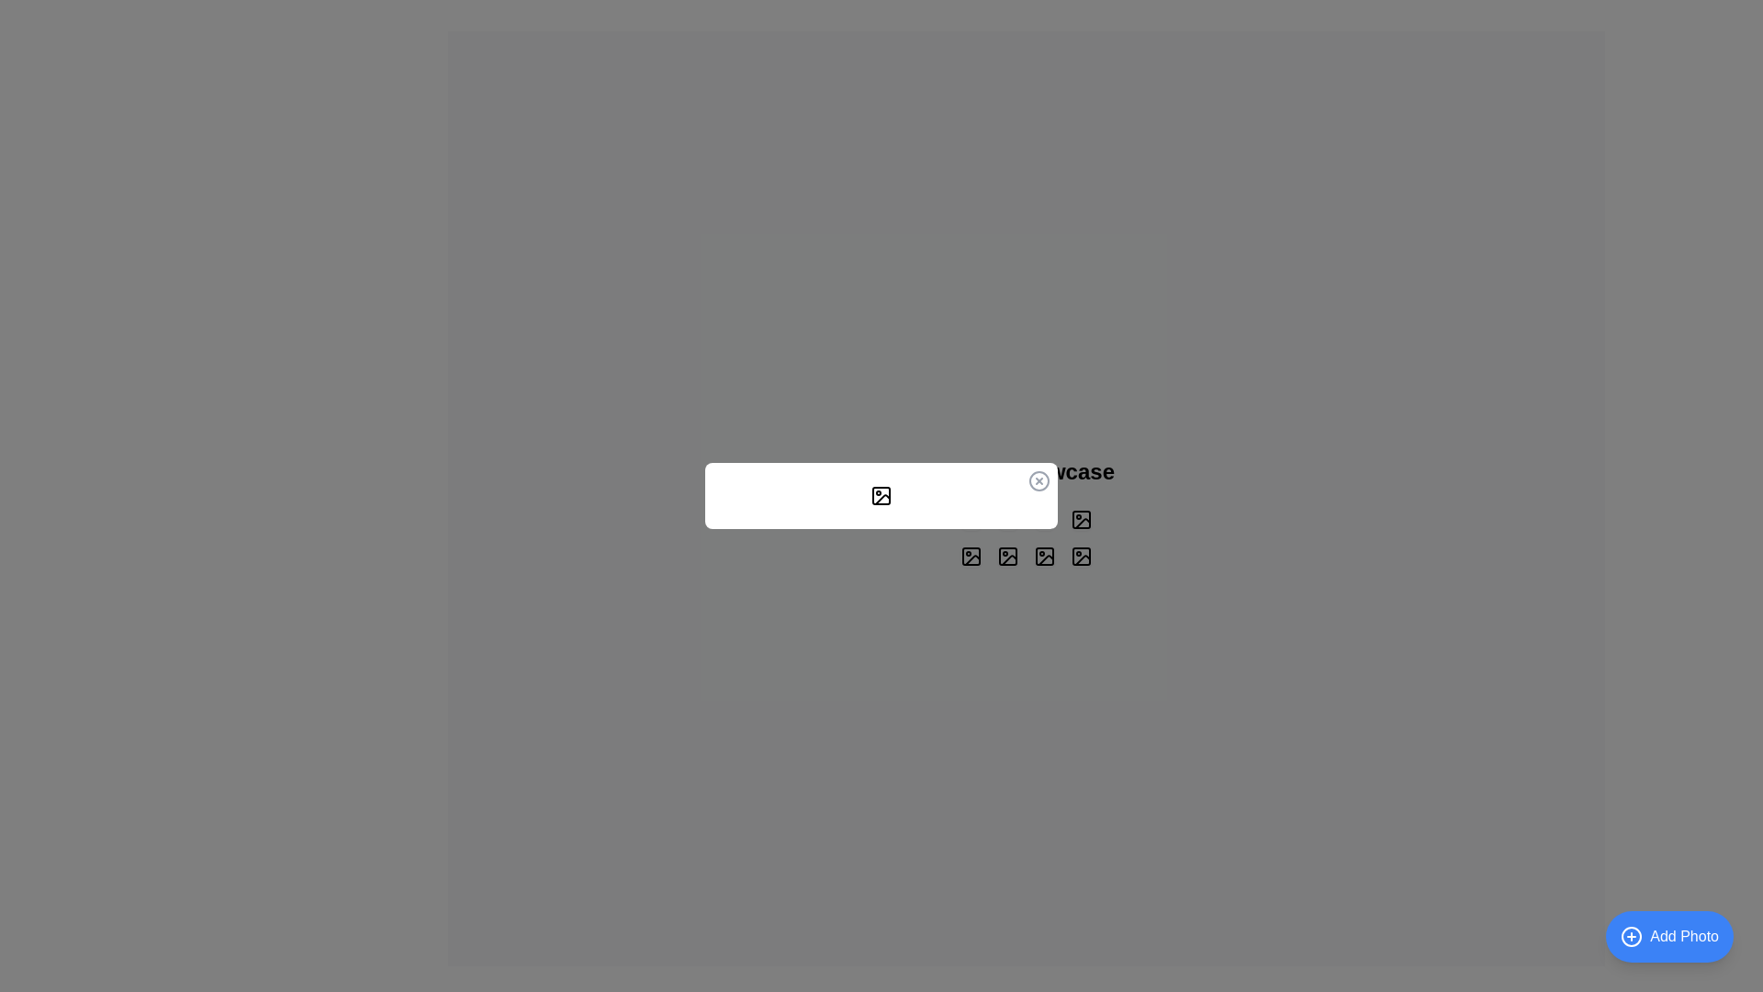  What do you see at coordinates (1081, 555) in the screenshot?
I see `the fourth icon` at bounding box center [1081, 555].